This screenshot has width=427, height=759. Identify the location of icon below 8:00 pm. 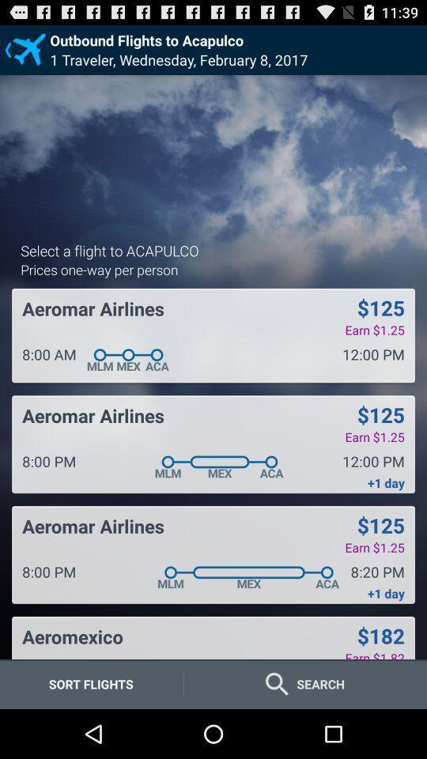
(72, 636).